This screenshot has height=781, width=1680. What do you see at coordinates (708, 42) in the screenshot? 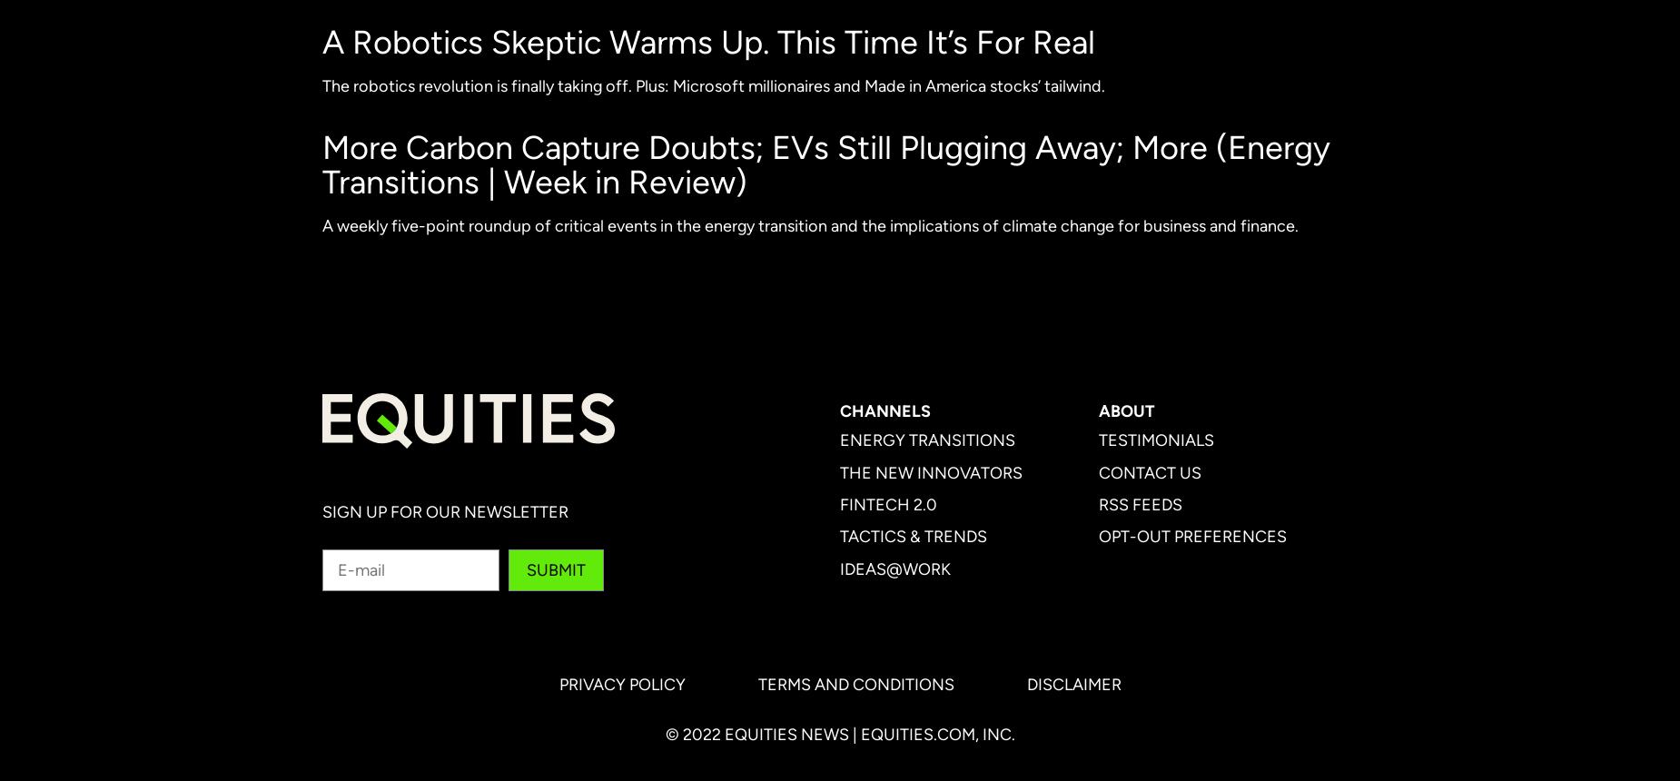
I see `'A Robotics Skeptic Warms Up. This Time It’s For Real'` at bounding box center [708, 42].